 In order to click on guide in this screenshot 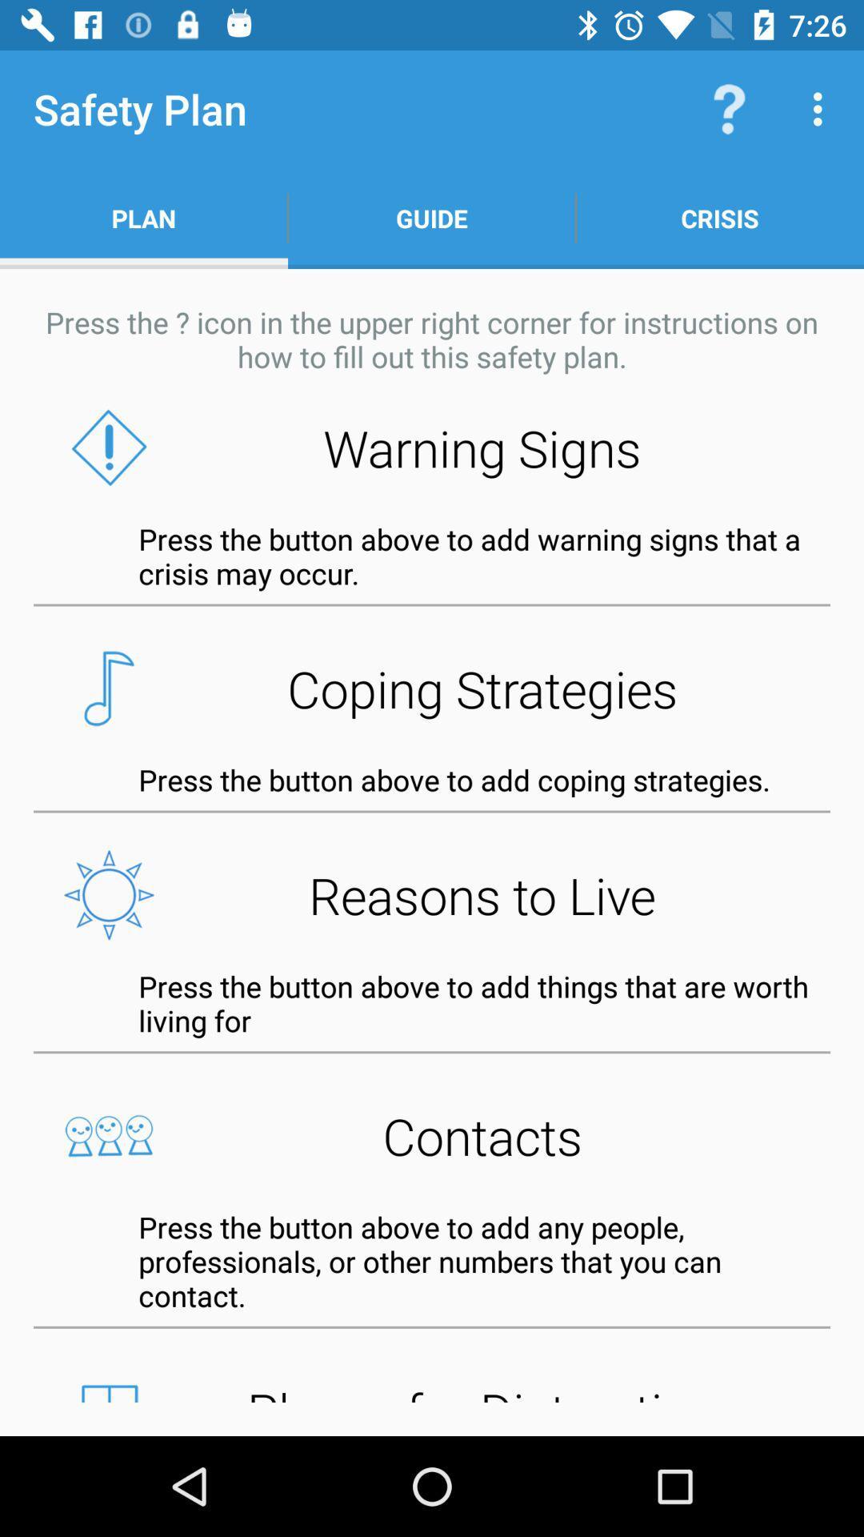, I will do `click(432, 218)`.